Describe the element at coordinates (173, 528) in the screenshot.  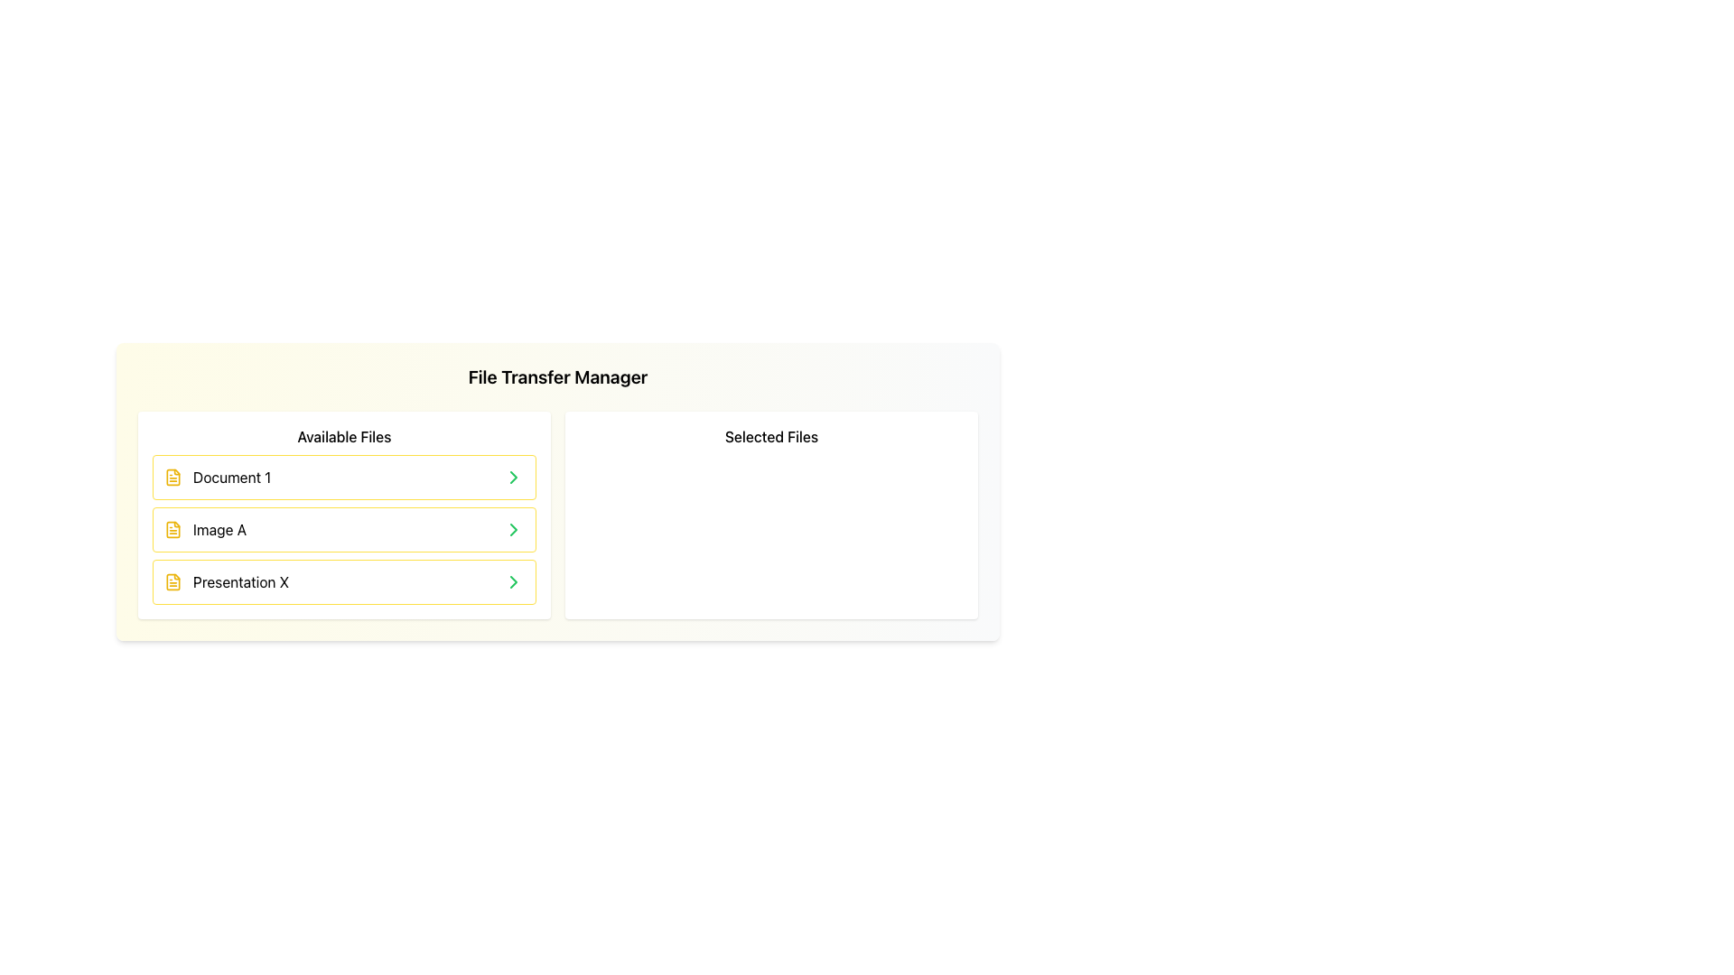
I see `the graphical component of the document icon located in the second row of the 'Available Files' listing` at that location.